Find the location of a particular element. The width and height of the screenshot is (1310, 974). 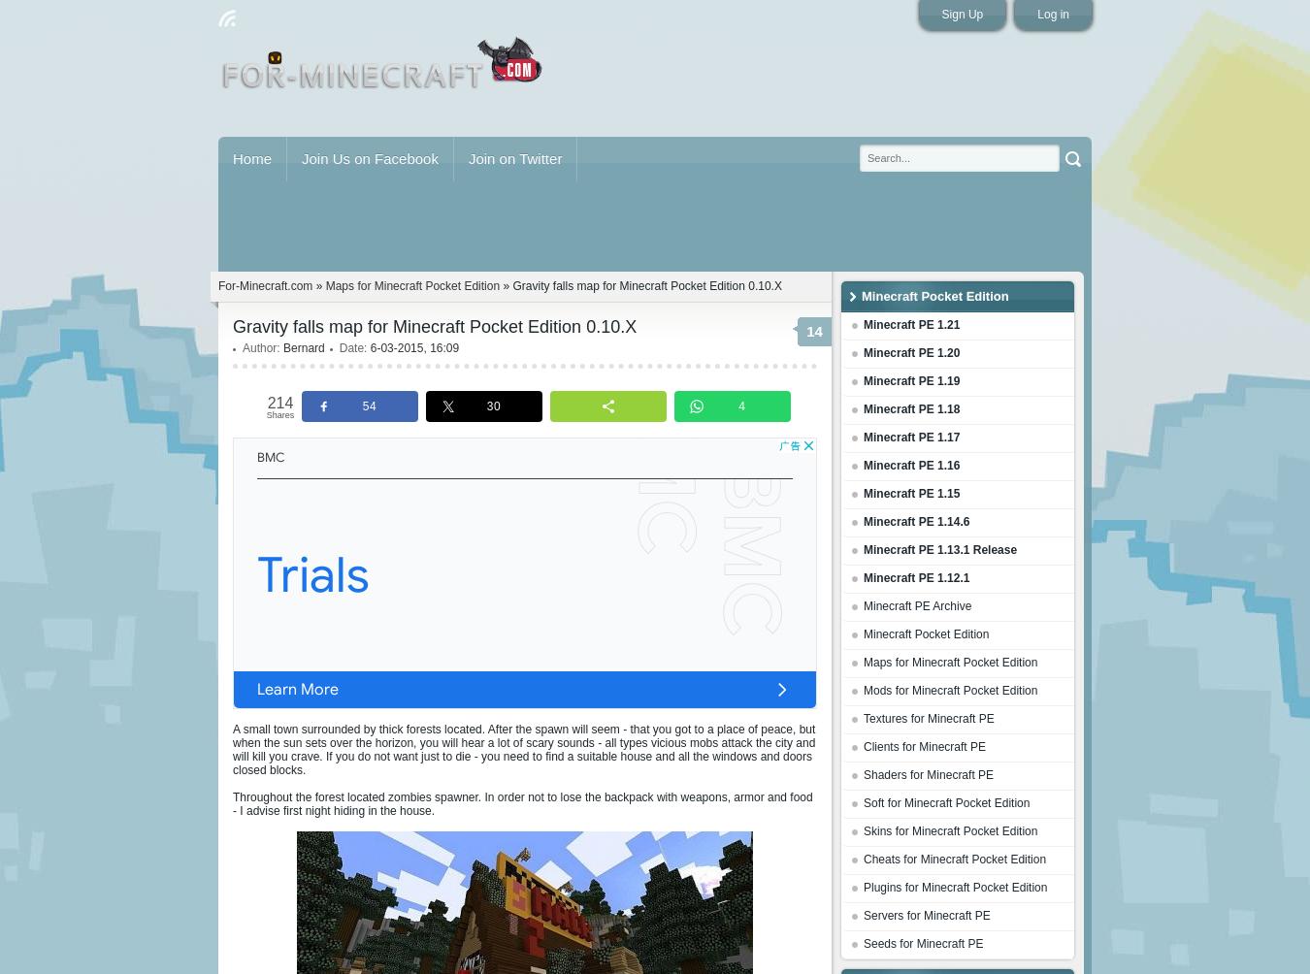

'Minecraft PE 1.14.6' is located at coordinates (915, 522).